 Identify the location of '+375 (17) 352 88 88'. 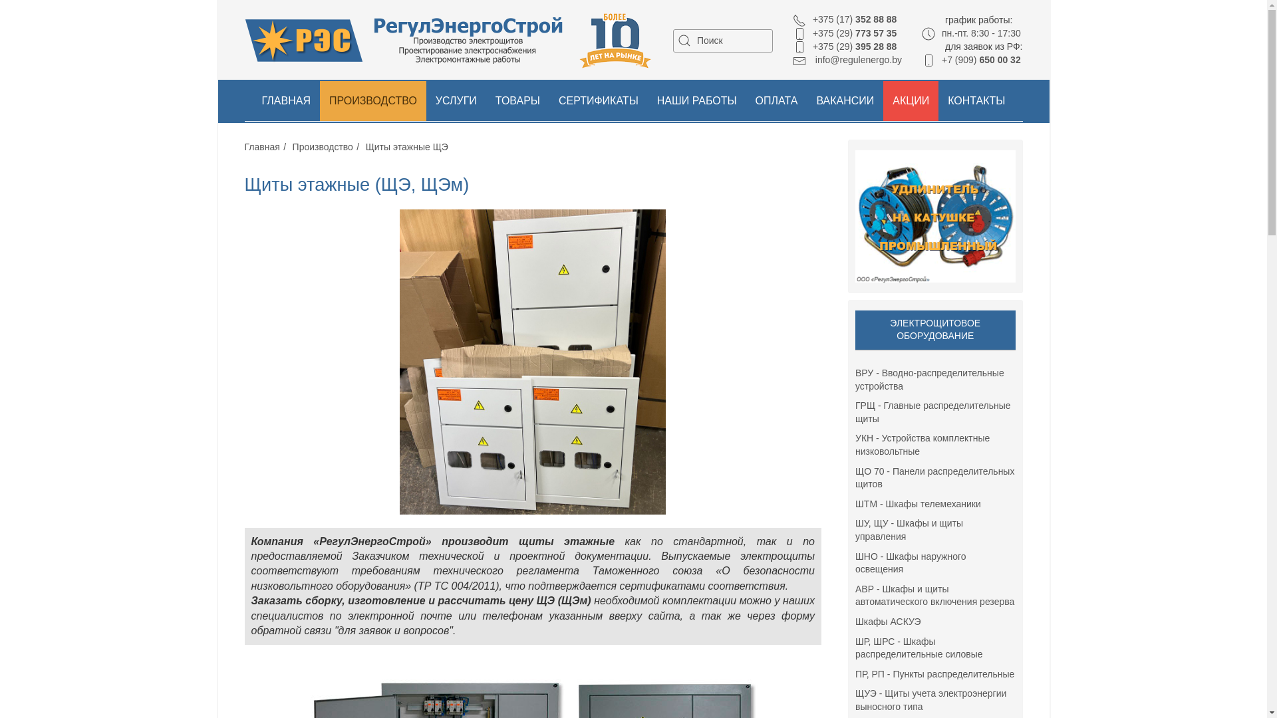
(844, 19).